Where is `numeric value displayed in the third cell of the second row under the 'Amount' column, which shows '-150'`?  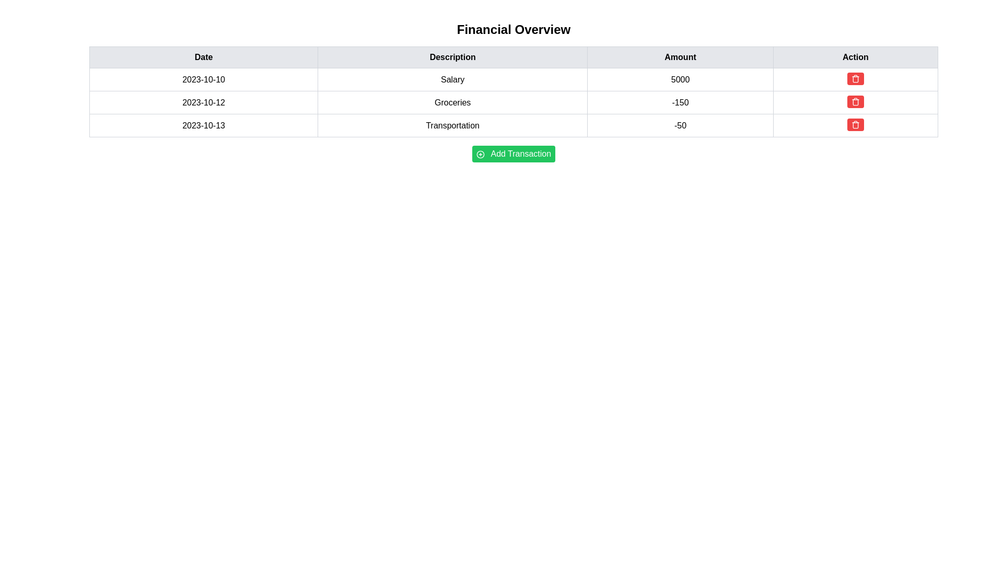
numeric value displayed in the third cell of the second row under the 'Amount' column, which shows '-150' is located at coordinates (680, 102).